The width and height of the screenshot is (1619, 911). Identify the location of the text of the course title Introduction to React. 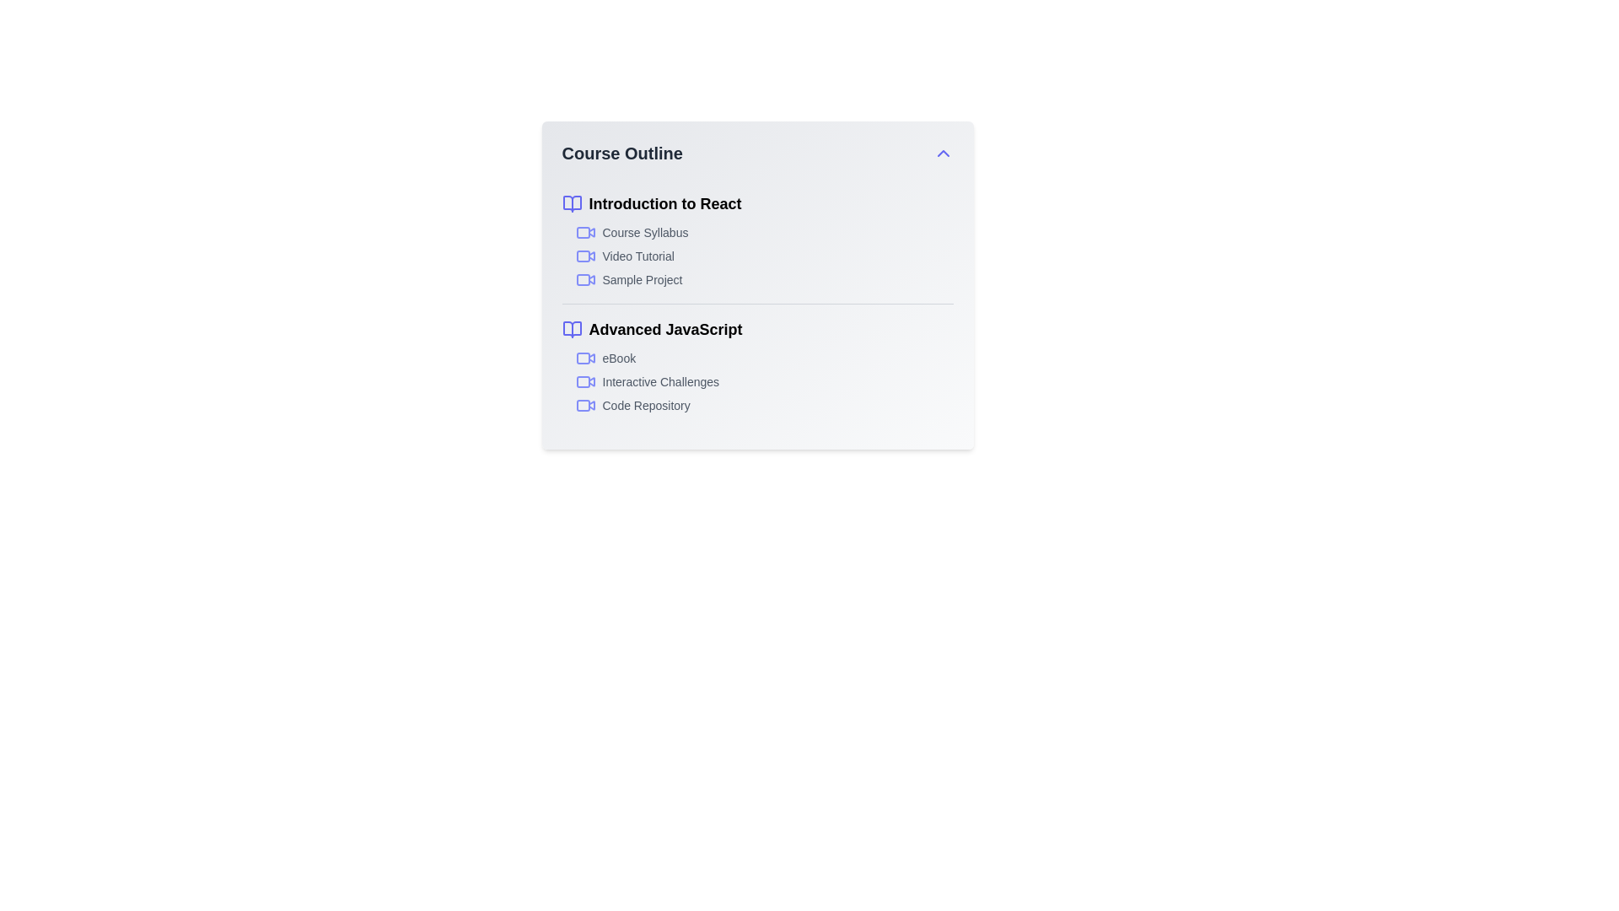
(756, 203).